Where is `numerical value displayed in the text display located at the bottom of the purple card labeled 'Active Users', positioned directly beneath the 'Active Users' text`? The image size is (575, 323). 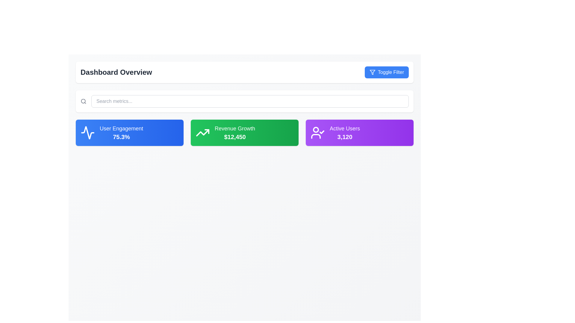
numerical value displayed in the text display located at the bottom of the purple card labeled 'Active Users', positioned directly beneath the 'Active Users' text is located at coordinates (345, 137).